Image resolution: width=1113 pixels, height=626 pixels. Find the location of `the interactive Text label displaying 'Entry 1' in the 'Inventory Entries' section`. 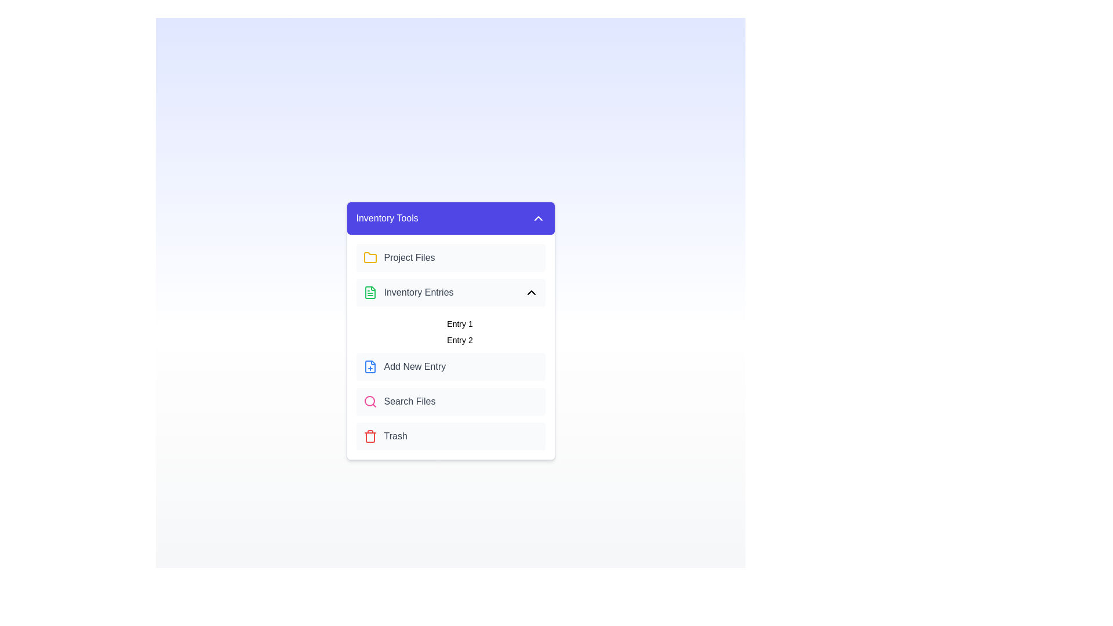

the interactive Text label displaying 'Entry 1' in the 'Inventory Entries' section is located at coordinates (459, 324).